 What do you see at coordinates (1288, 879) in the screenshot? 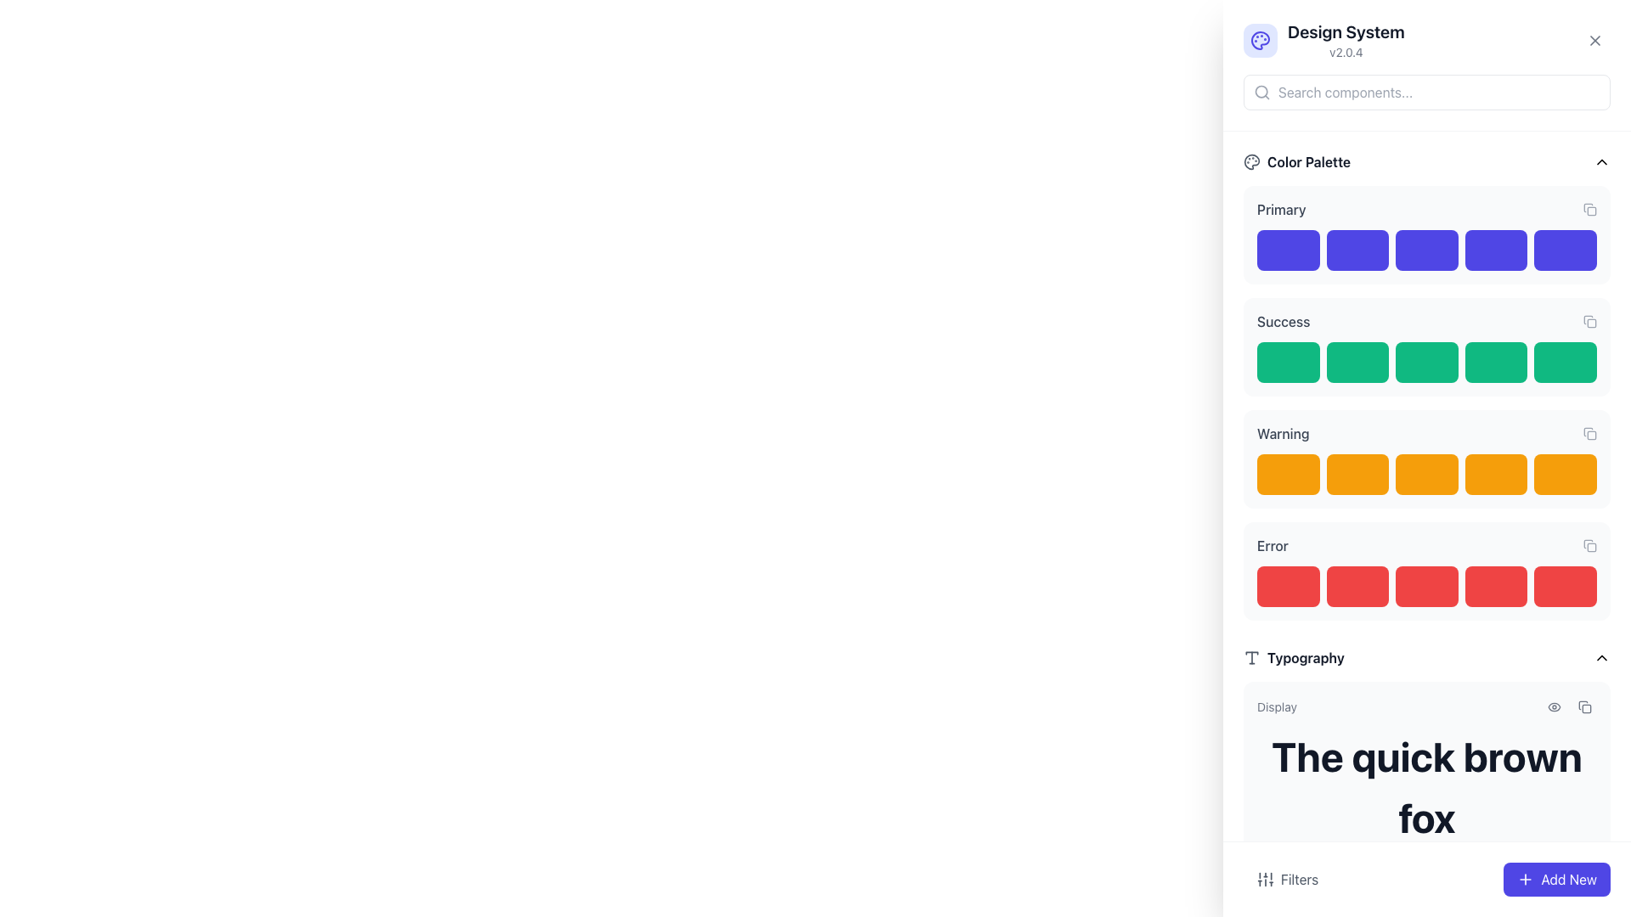
I see `the 'Filters' button with vertical sliders icon located at the bottom-left of the interface` at bounding box center [1288, 879].